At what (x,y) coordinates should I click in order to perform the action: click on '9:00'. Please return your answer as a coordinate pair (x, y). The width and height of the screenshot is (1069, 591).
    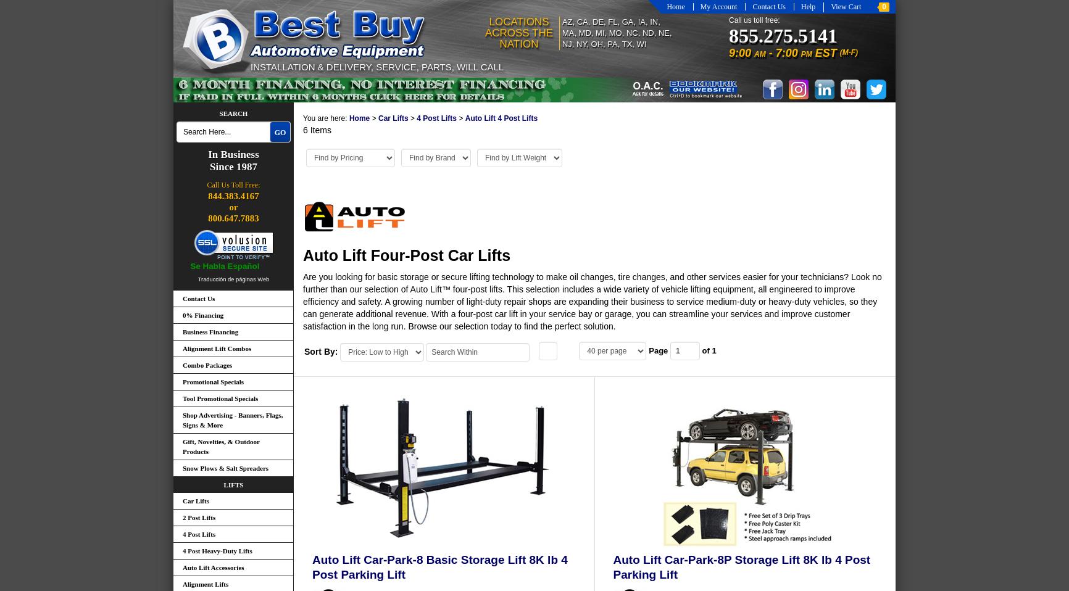
    Looking at the image, I should click on (741, 53).